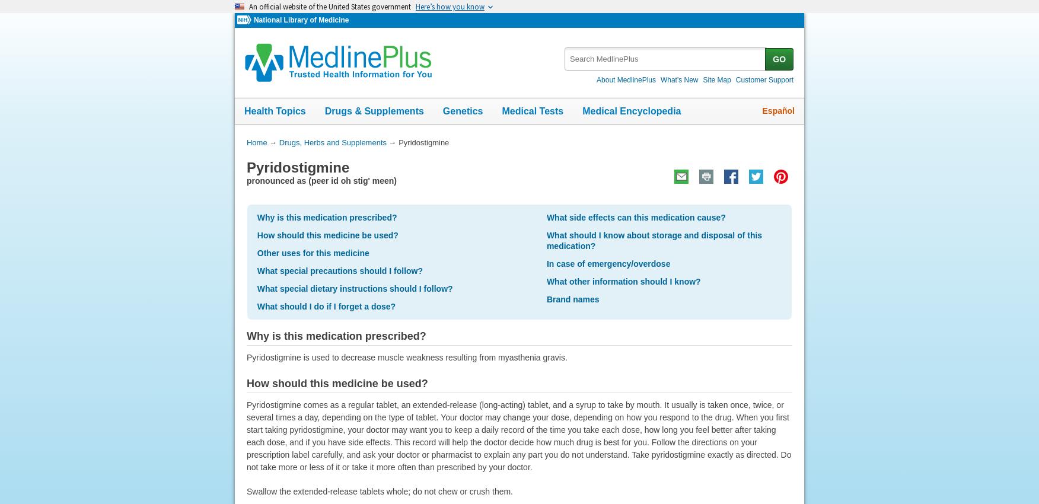  What do you see at coordinates (654, 240) in the screenshot?
I see `'What should I know about storage and disposal of this medication?'` at bounding box center [654, 240].